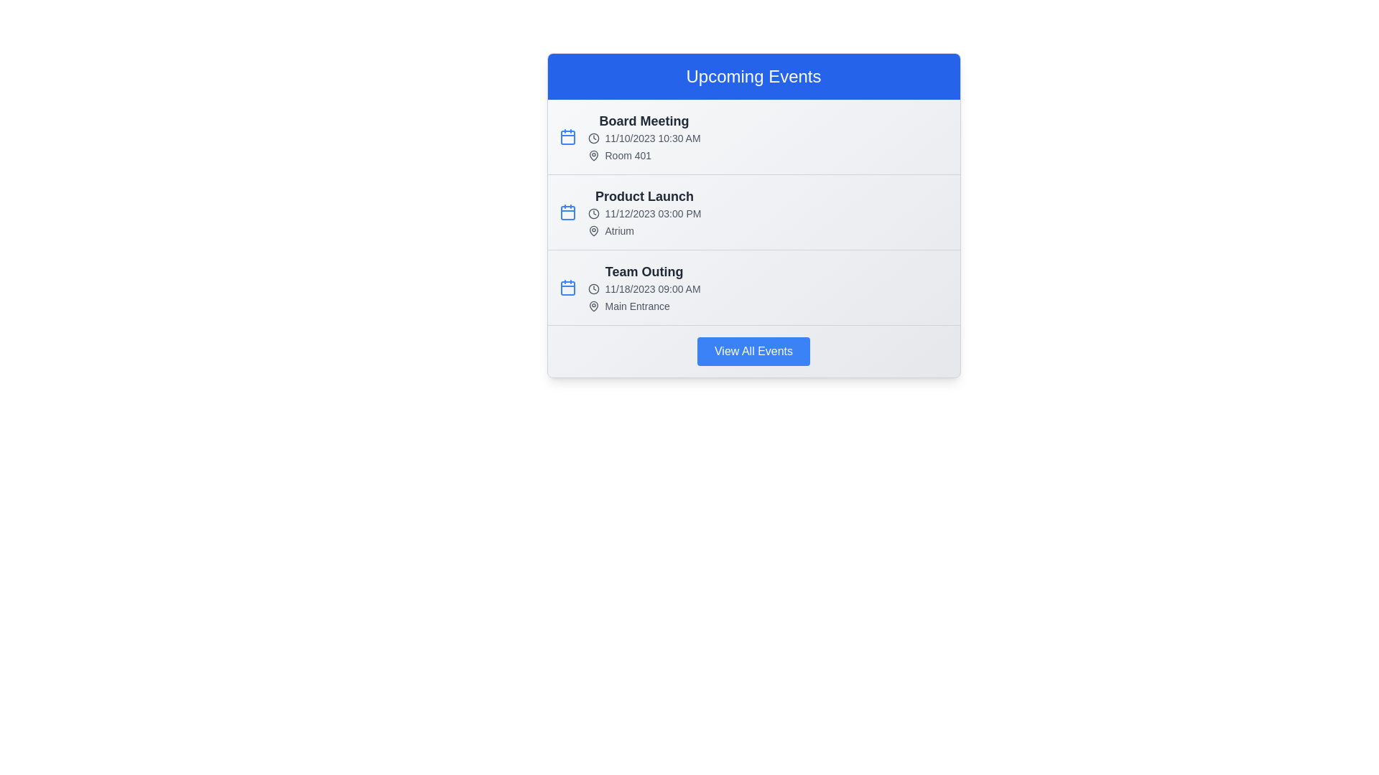 The image size is (1379, 775). Describe the element at coordinates (644, 121) in the screenshot. I see `the 'Board Meeting' text element, which is styled in bold and dark gray, positioned in the first row of the event listing under 'Upcoming Events'` at that location.